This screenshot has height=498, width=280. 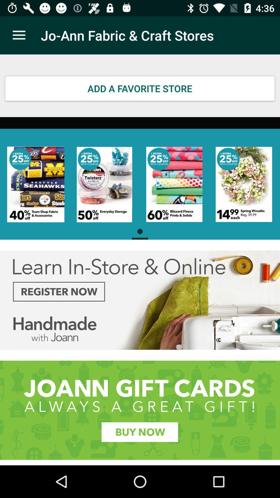 What do you see at coordinates (140, 178) in the screenshot?
I see `the item below the add a favorite` at bounding box center [140, 178].